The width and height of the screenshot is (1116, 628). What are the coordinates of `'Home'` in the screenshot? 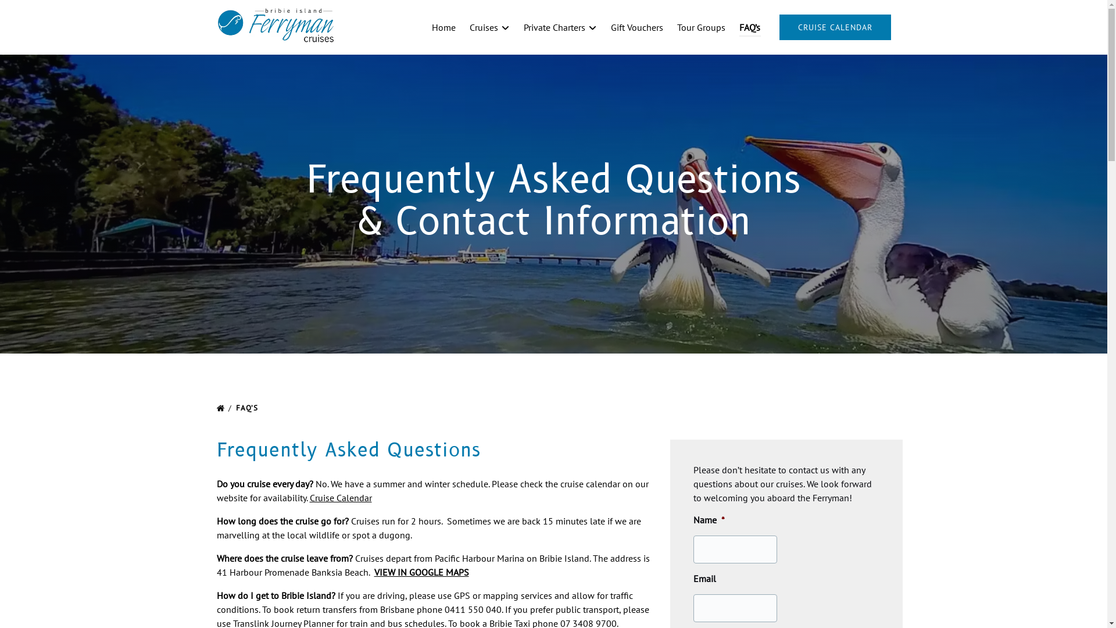 It's located at (443, 26).